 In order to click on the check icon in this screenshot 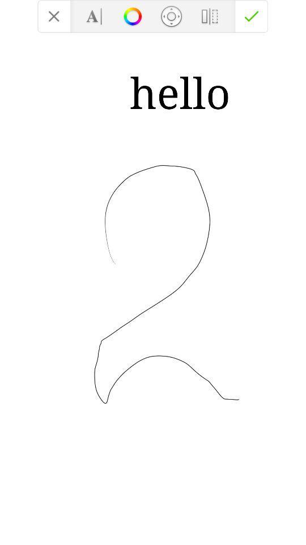, I will do `click(252, 15)`.